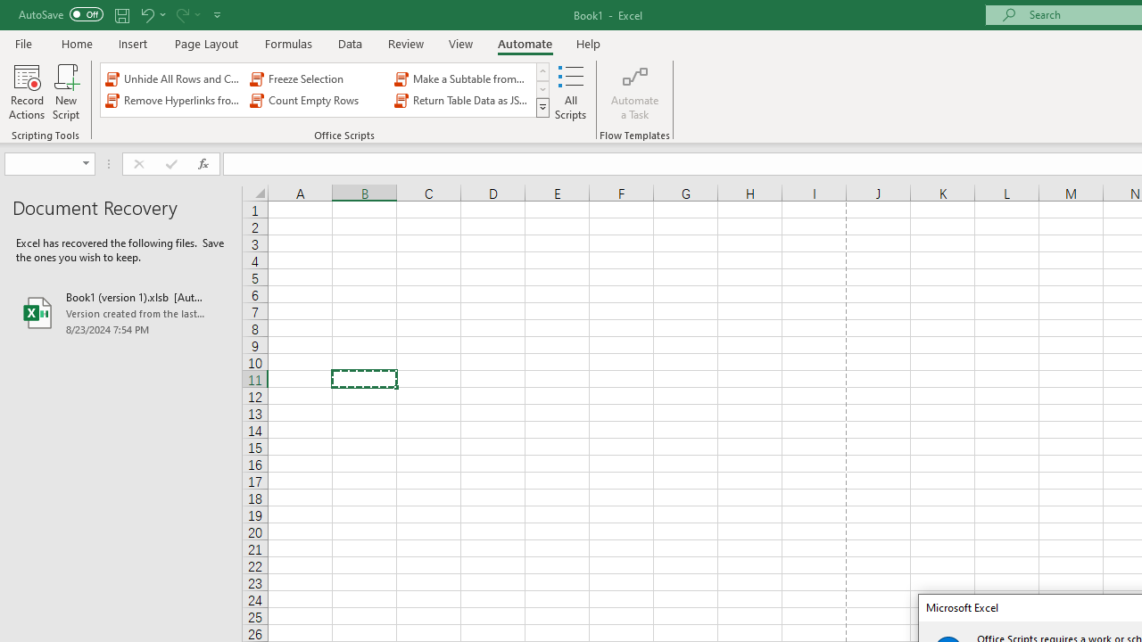 This screenshot has width=1142, height=642. Describe the element at coordinates (542, 70) in the screenshot. I see `'Row up'` at that location.